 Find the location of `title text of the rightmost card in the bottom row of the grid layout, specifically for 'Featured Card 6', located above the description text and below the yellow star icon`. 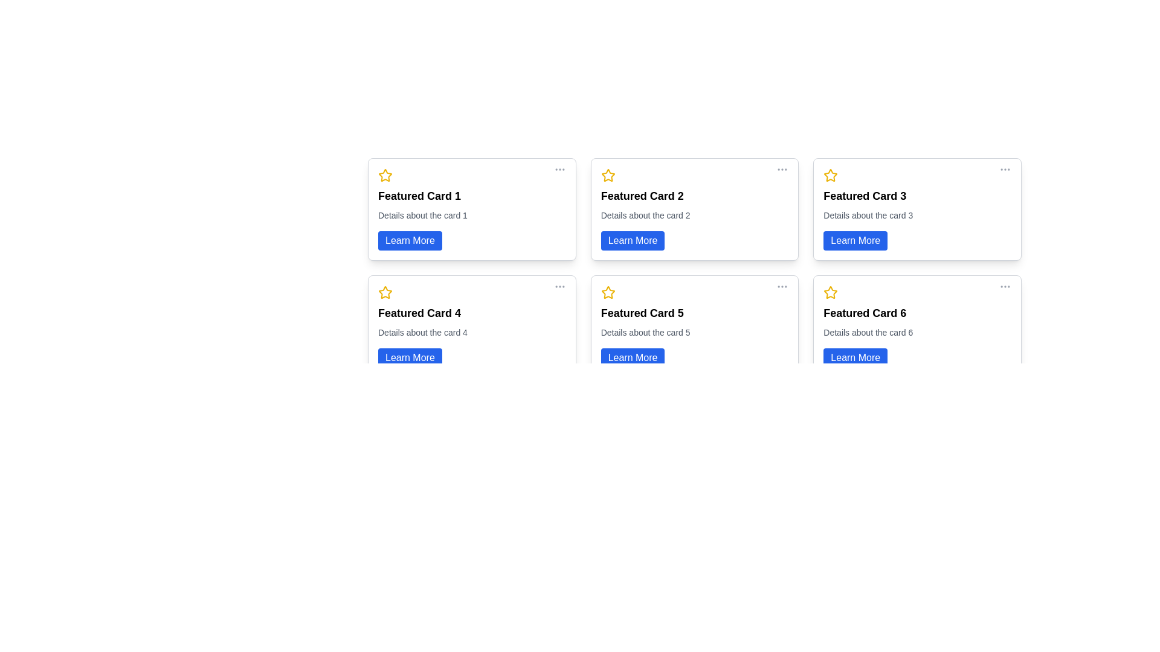

title text of the rightmost card in the bottom row of the grid layout, specifically for 'Featured Card 6', located above the description text and below the yellow star icon is located at coordinates (864, 313).